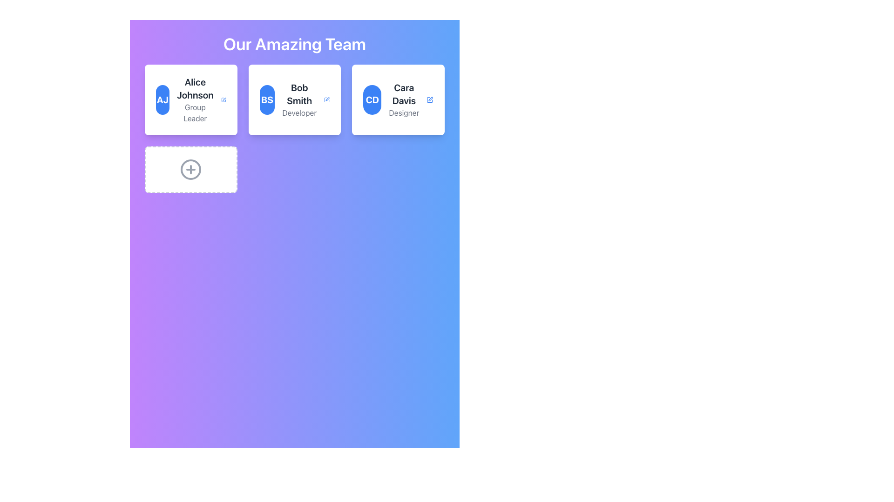  What do you see at coordinates (299, 100) in the screenshot?
I see `the text block displaying 'Bob Smith', the Developer, which is located in the second card of the team member list` at bounding box center [299, 100].